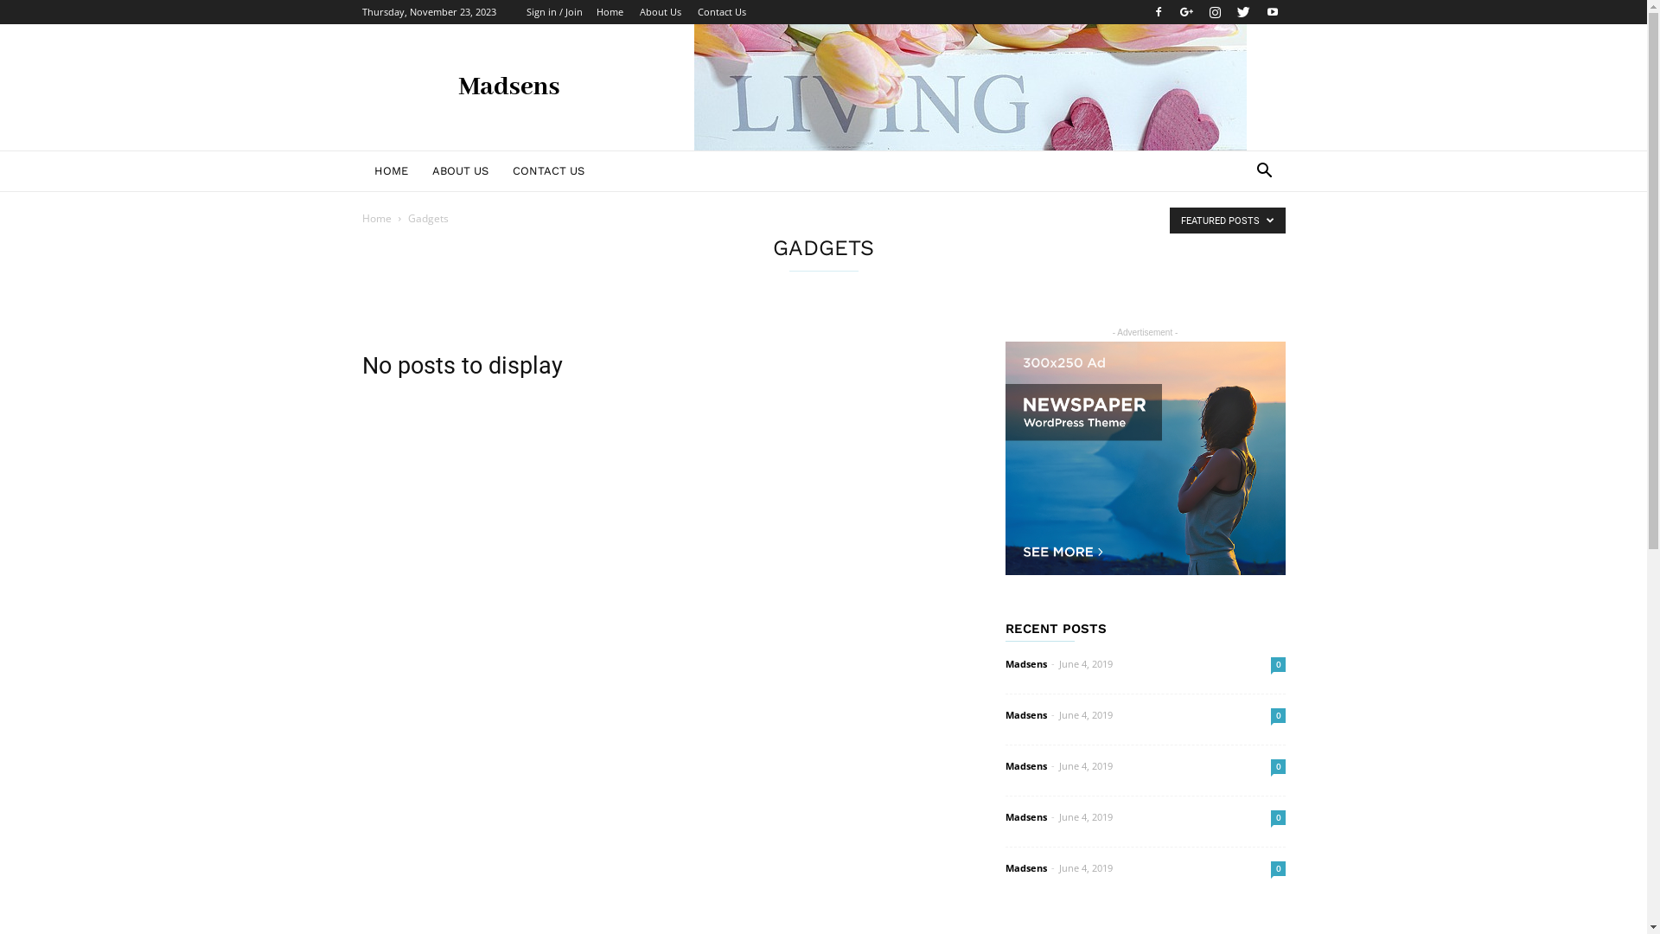  I want to click on '0', so click(1270, 715).